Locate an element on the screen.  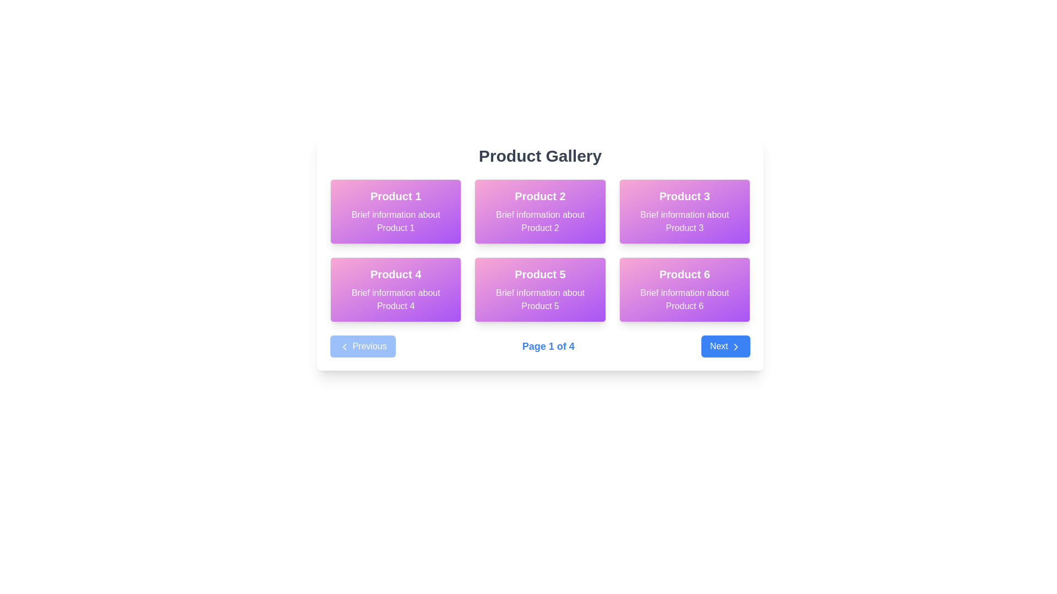
text label located in the bottom-right cell of the grid layout, which provides supplementary information for the title 'Product 6' is located at coordinates (684, 299).